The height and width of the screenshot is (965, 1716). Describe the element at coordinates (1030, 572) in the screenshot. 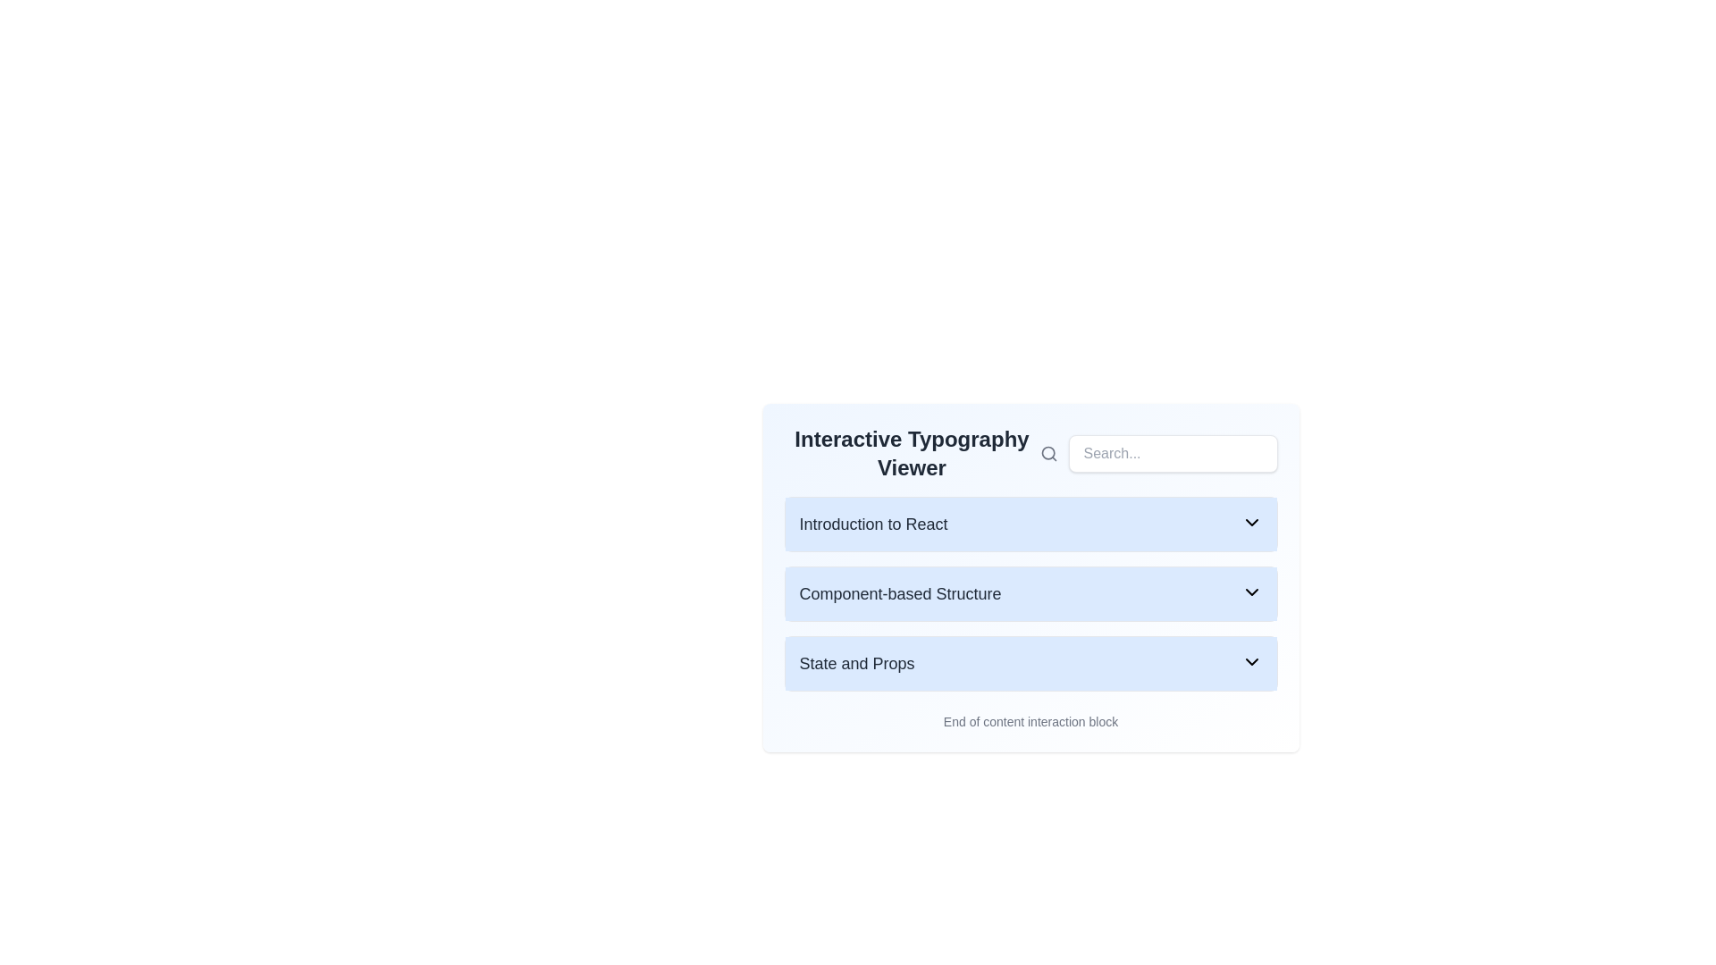

I see `the 'Component-based Structure' button in the Interactive Typography Viewer panel` at that location.